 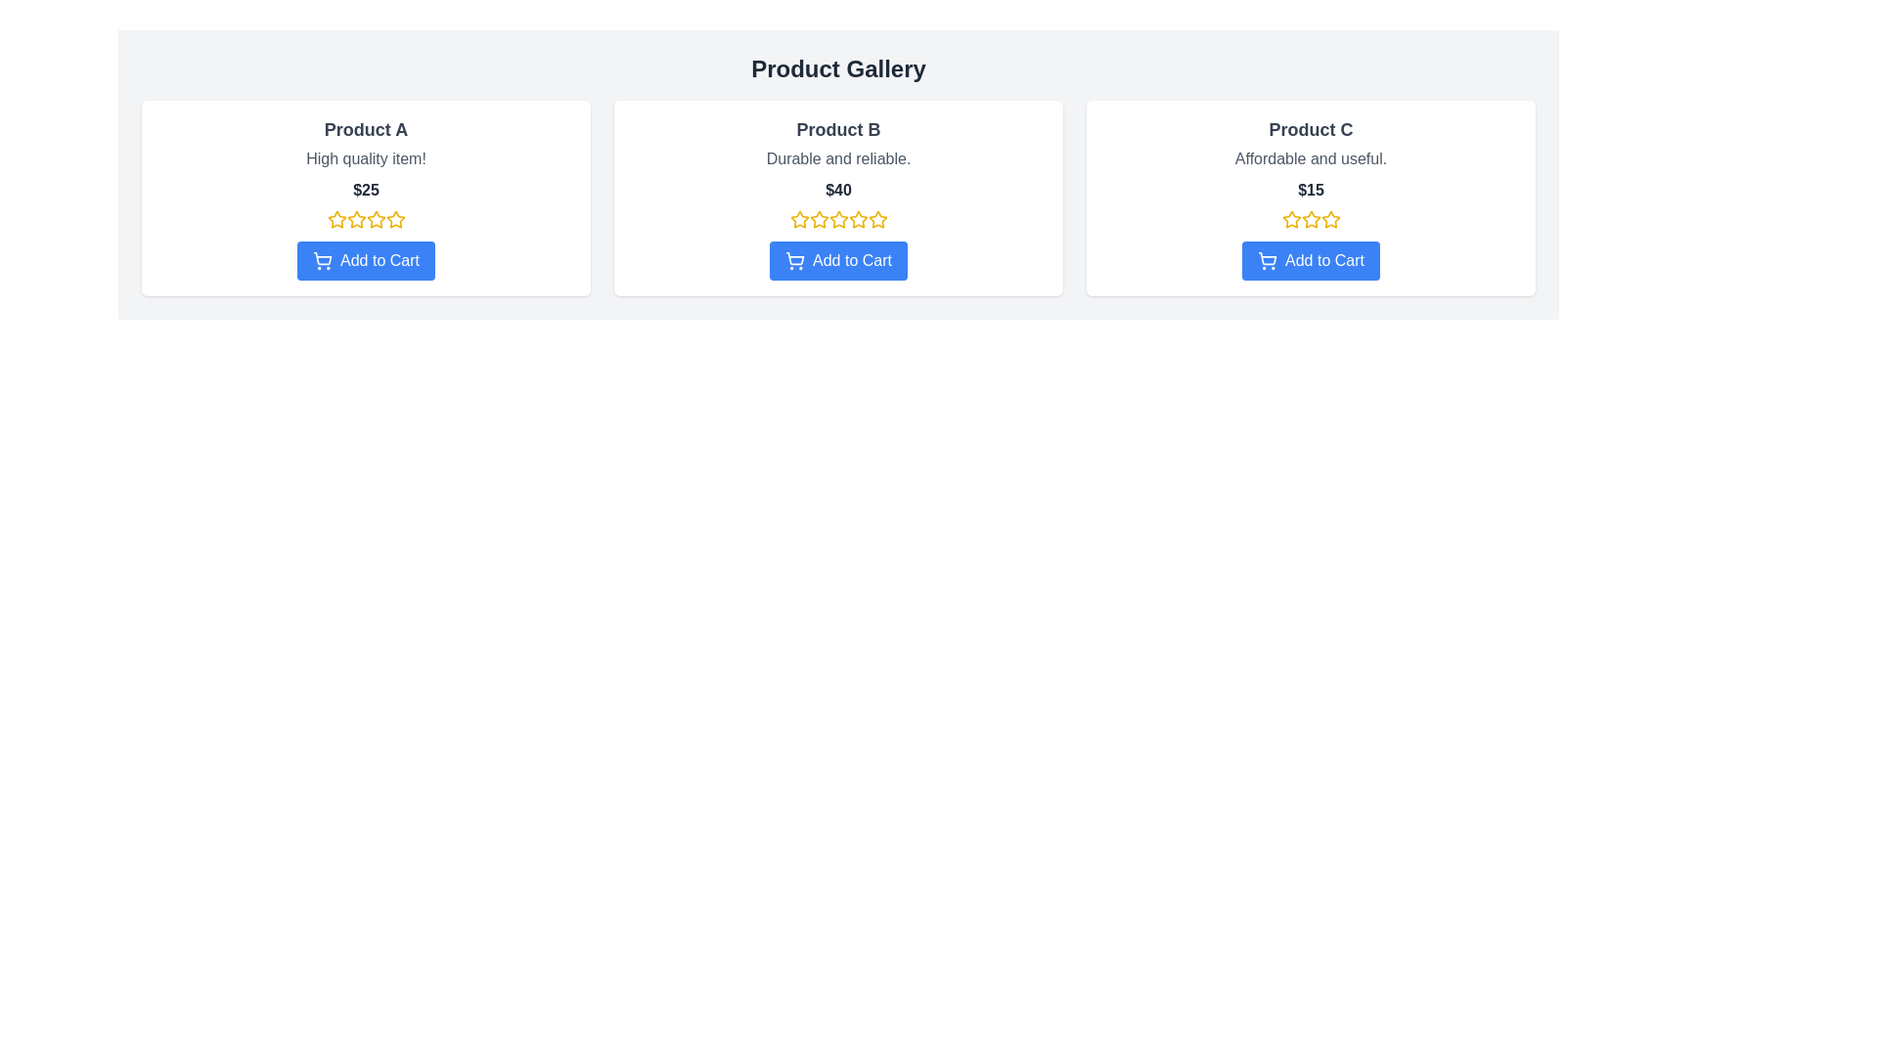 What do you see at coordinates (838, 129) in the screenshot?
I see `the text label for 'Product B', which serves as the title or name label for the product, located in the middle card of the product cards` at bounding box center [838, 129].